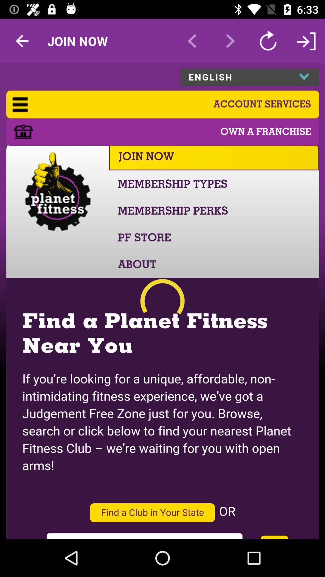  What do you see at coordinates (162, 301) in the screenshot?
I see `connect to planet fitness` at bounding box center [162, 301].